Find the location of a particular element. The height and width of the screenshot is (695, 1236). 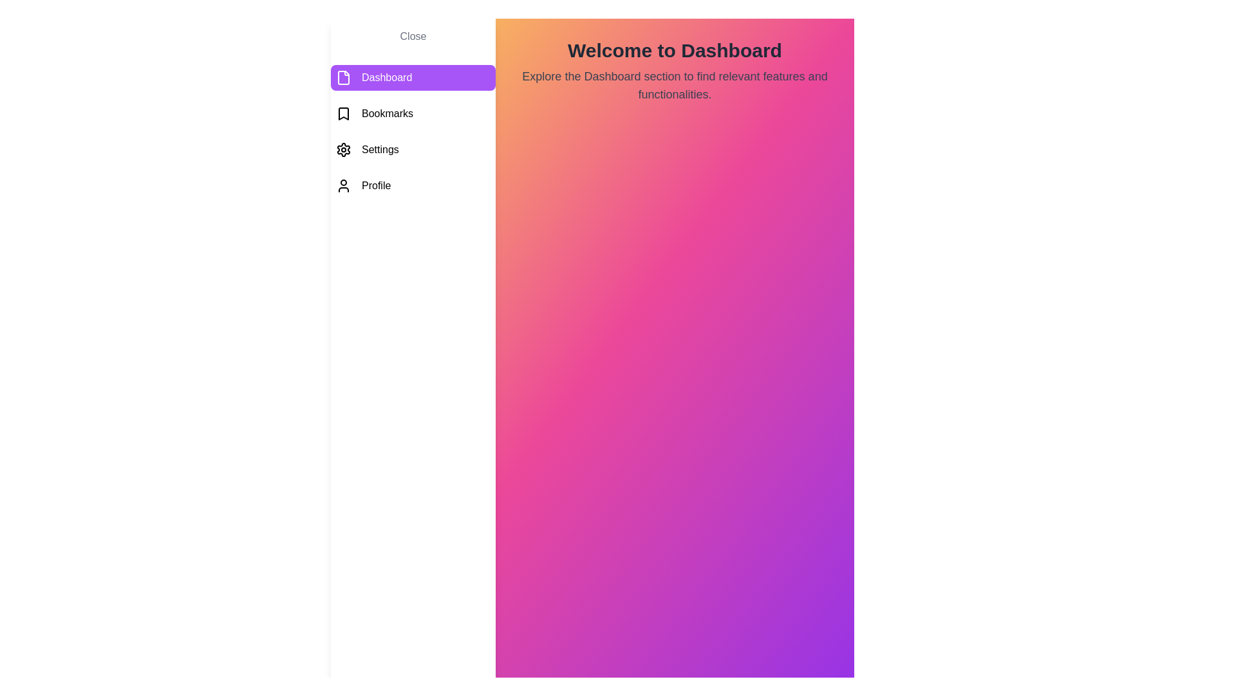

the Dashboard tab from the menu is located at coordinates (413, 77).